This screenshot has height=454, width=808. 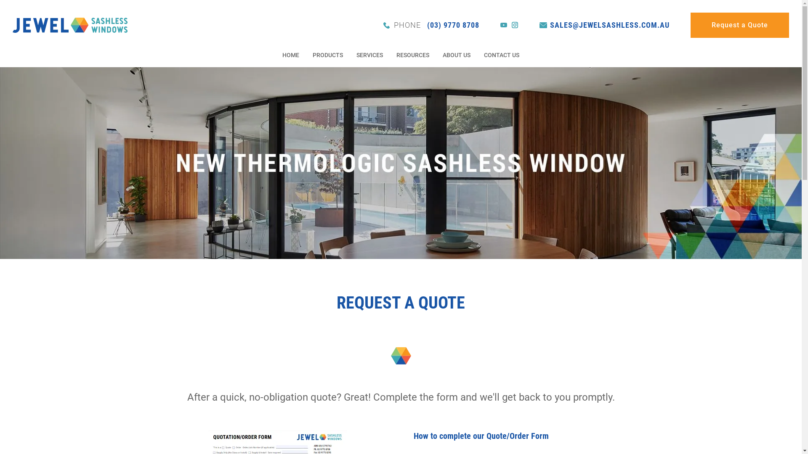 I want to click on 'Jewel Sashless Windows Aust. Pty Ltd', so click(x=70, y=24).